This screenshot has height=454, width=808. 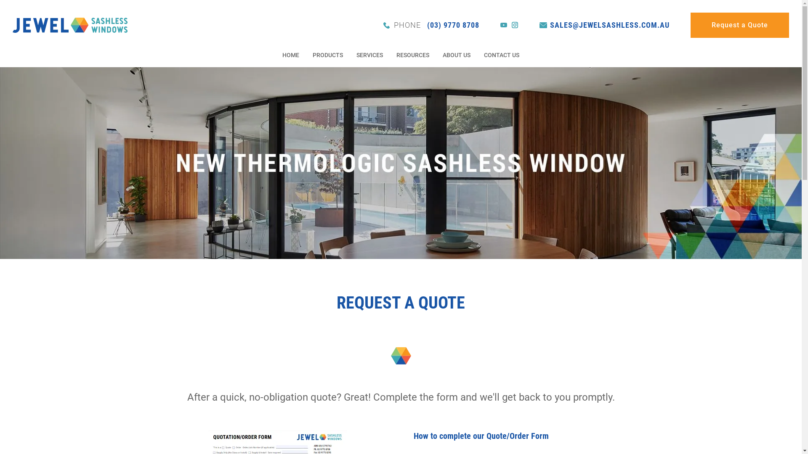 I want to click on 'Jewel Sashless Windows Aust. Pty Ltd', so click(x=70, y=24).